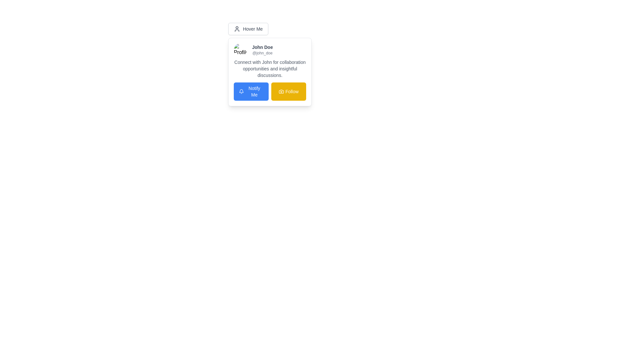  What do you see at coordinates (270, 50) in the screenshot?
I see `the user's full name in the User Profile Identifier` at bounding box center [270, 50].